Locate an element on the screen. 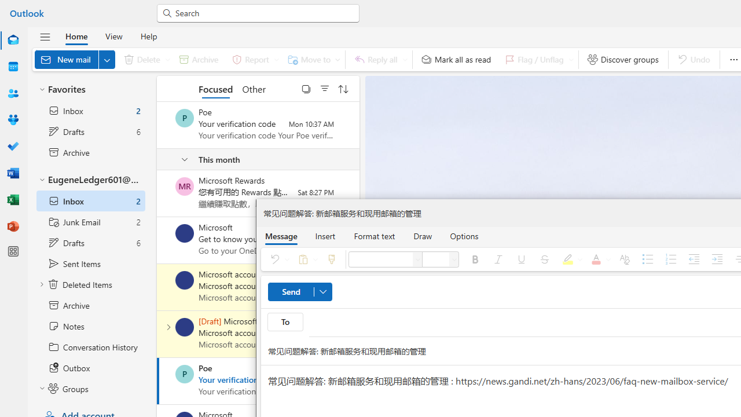 The height and width of the screenshot is (417, 741). 'Message' is located at coordinates (281, 235).